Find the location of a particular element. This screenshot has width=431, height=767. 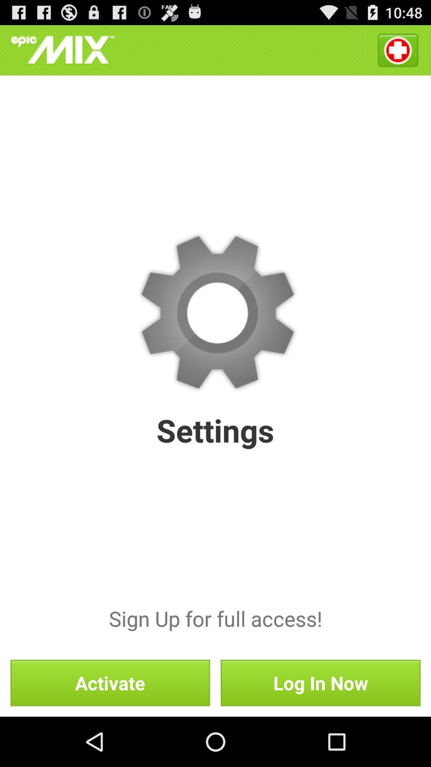

the activate item is located at coordinates (110, 682).